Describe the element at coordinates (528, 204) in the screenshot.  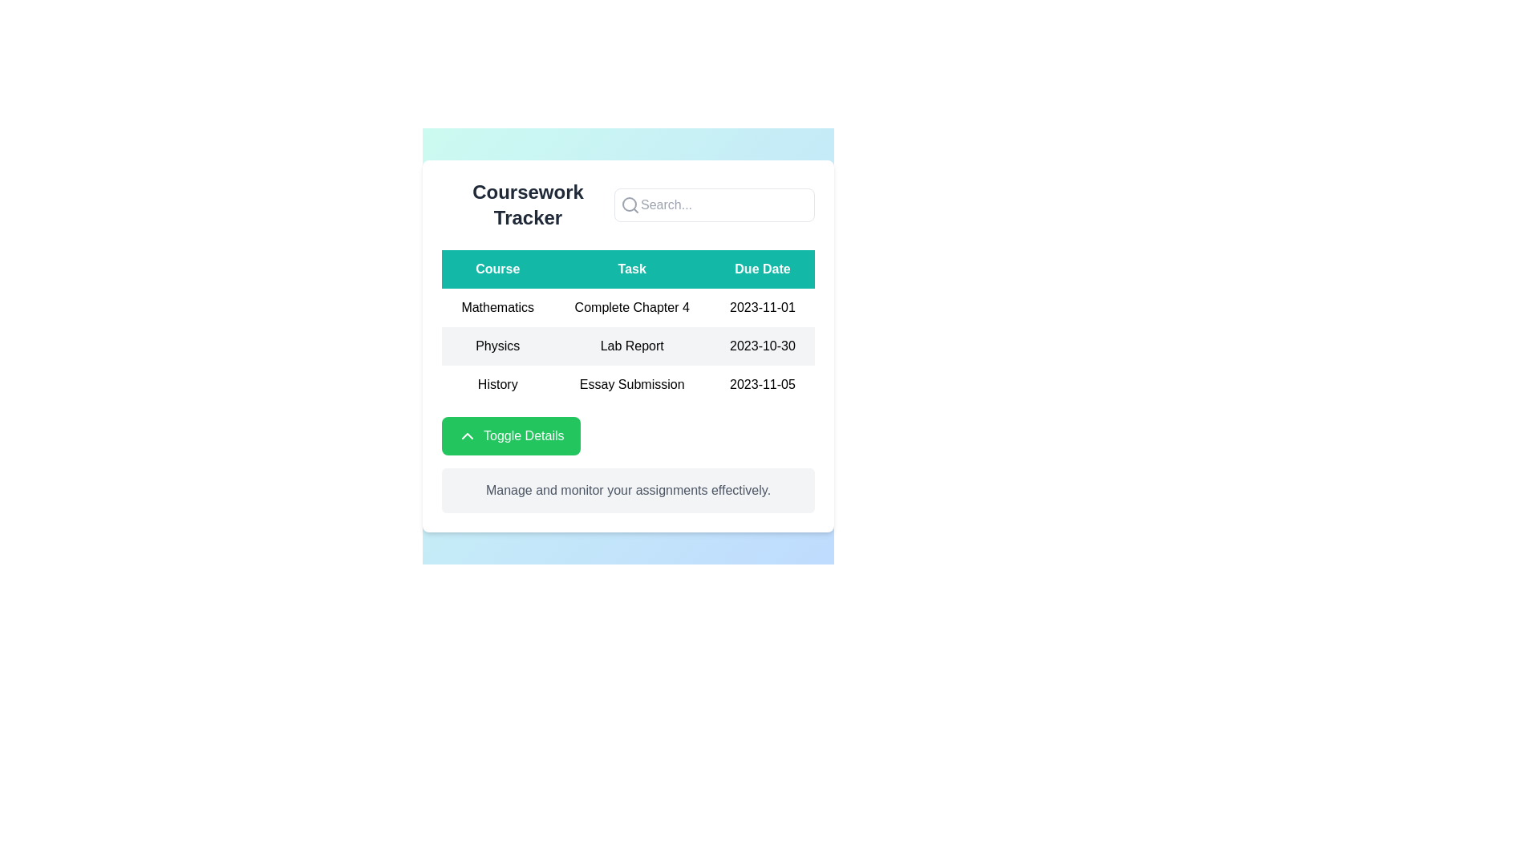
I see `the text header titled 'Coursework Tracker', which is prominently displayed in large, bold, dark-colored font at the top of the content block` at that location.